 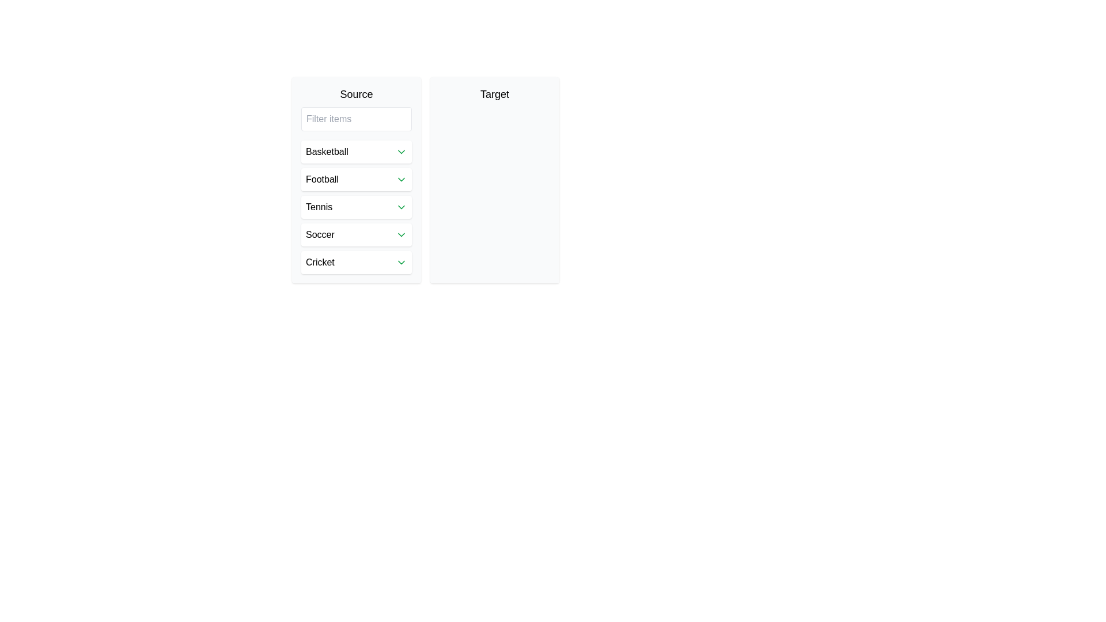 What do you see at coordinates (401, 180) in the screenshot?
I see `the rightmost icon within the 'Football' button` at bounding box center [401, 180].